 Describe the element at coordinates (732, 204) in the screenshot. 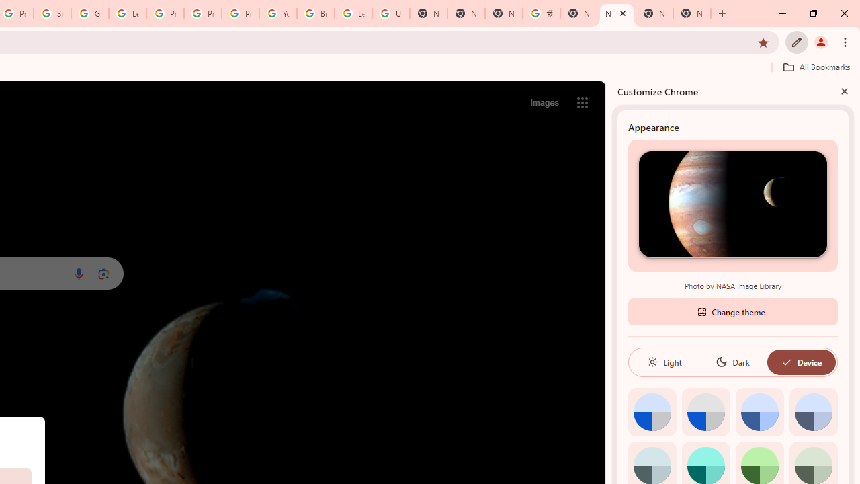

I see `'Photo by NASA Image Library'` at that location.